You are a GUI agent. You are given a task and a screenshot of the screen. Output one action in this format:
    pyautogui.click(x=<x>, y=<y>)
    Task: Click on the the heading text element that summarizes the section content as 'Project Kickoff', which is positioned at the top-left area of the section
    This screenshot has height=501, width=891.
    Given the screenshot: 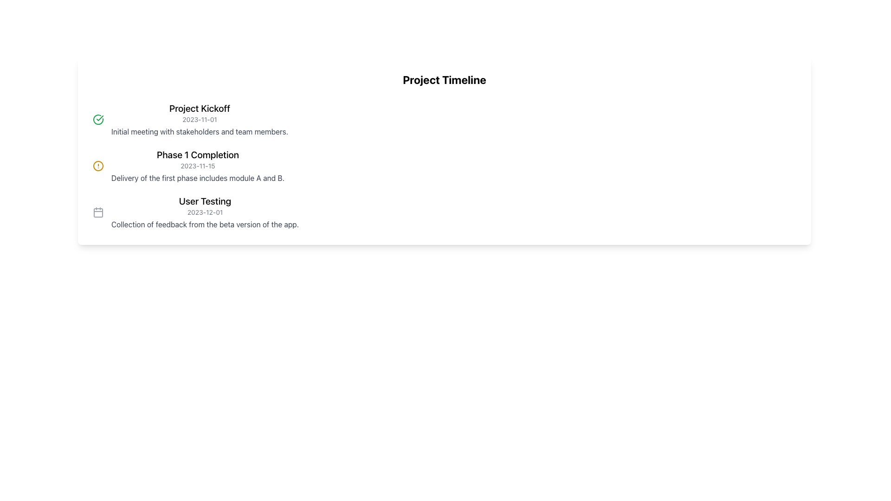 What is the action you would take?
    pyautogui.click(x=199, y=108)
    